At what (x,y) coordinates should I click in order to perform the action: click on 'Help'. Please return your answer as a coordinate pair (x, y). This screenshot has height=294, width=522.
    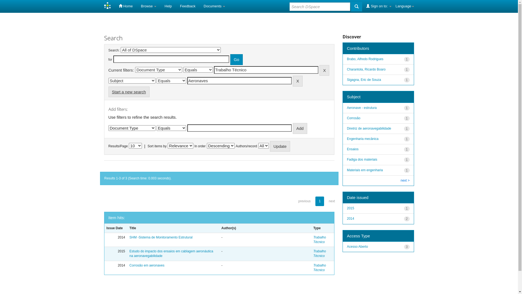
    Looking at the image, I should click on (168, 6).